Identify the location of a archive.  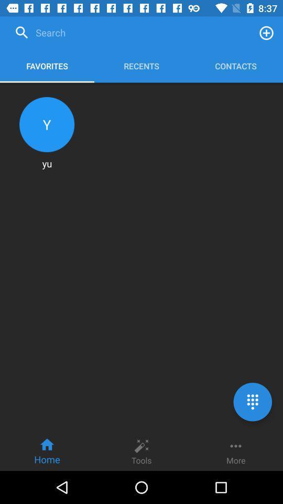
(266, 33).